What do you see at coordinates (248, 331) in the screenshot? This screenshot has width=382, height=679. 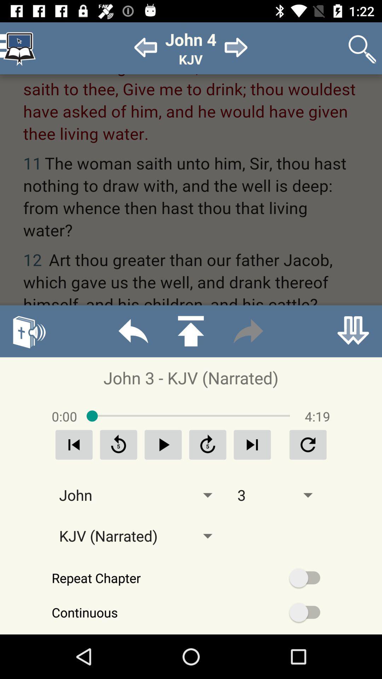 I see `fast forward` at bounding box center [248, 331].